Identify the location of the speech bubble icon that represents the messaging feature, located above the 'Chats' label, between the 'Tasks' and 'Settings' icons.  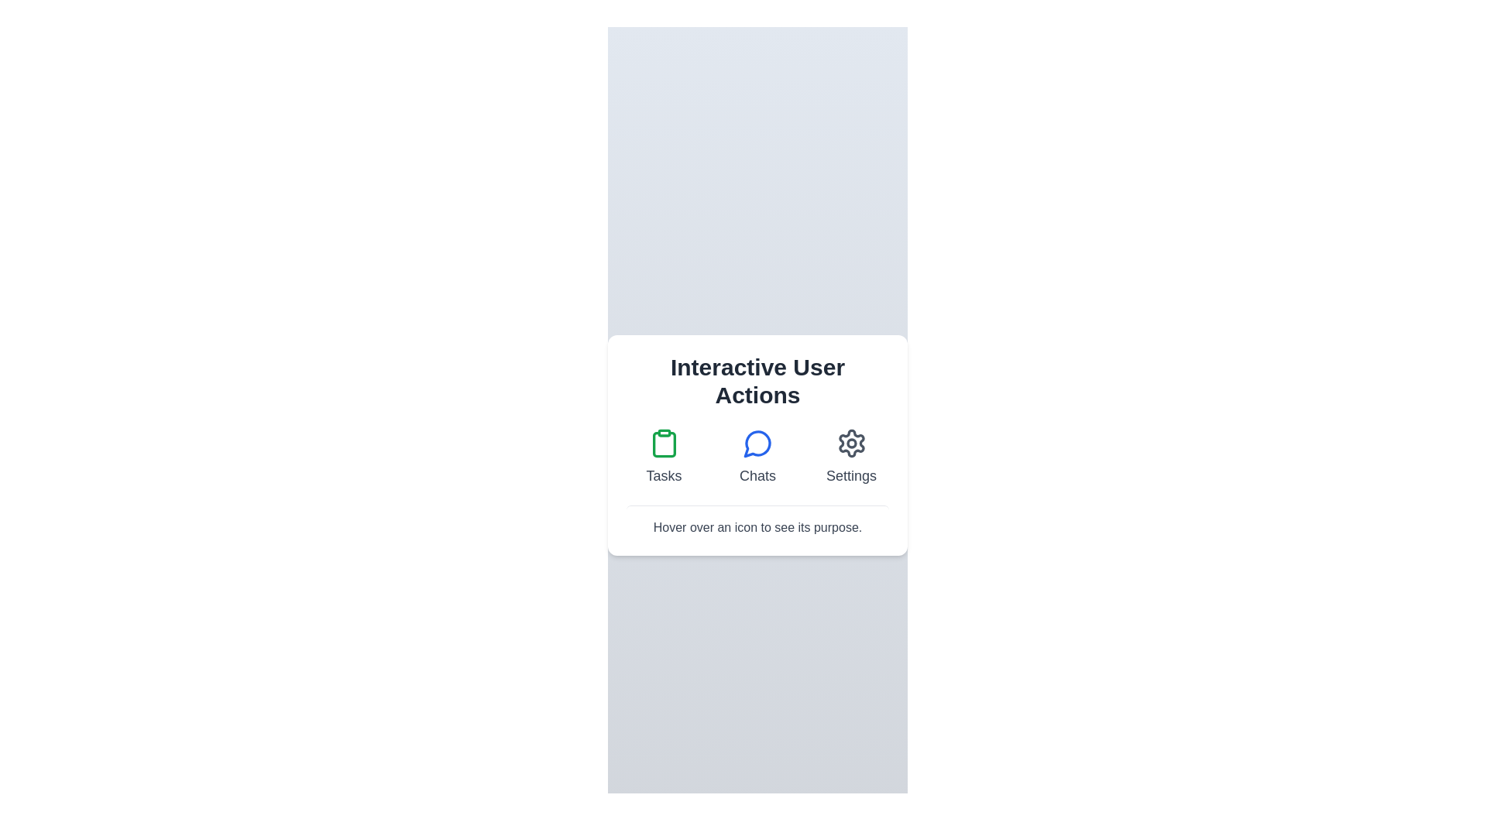
(757, 443).